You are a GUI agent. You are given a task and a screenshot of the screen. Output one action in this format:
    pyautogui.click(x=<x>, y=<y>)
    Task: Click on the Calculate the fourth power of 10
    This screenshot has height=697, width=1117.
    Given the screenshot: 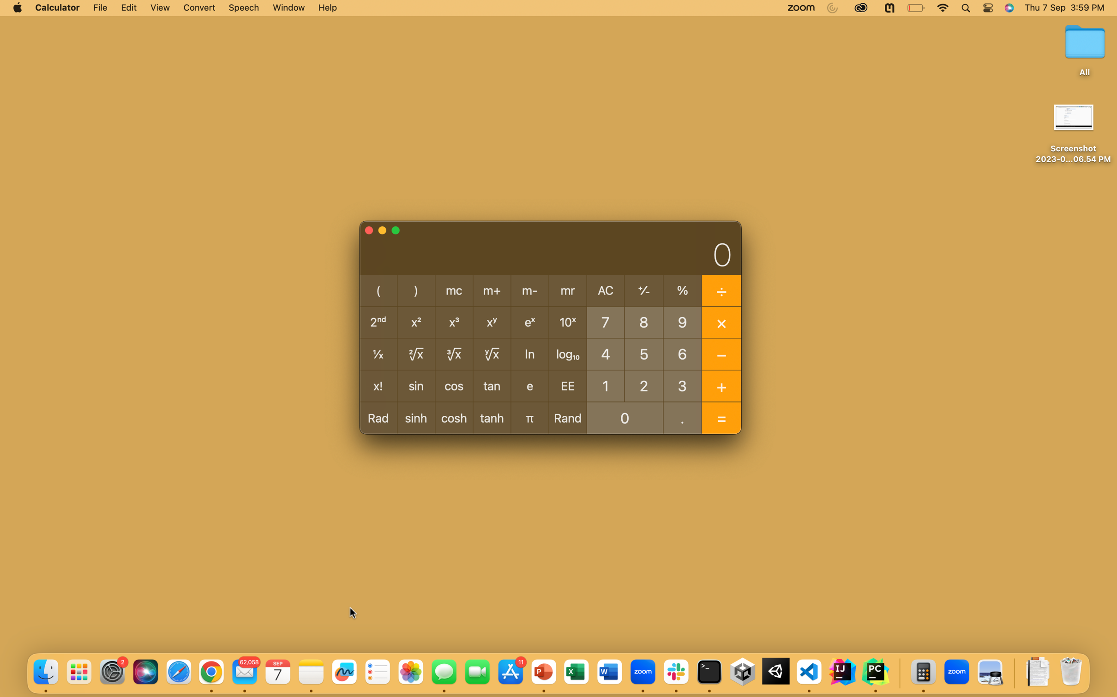 What is the action you would take?
    pyautogui.click(x=604, y=354)
    